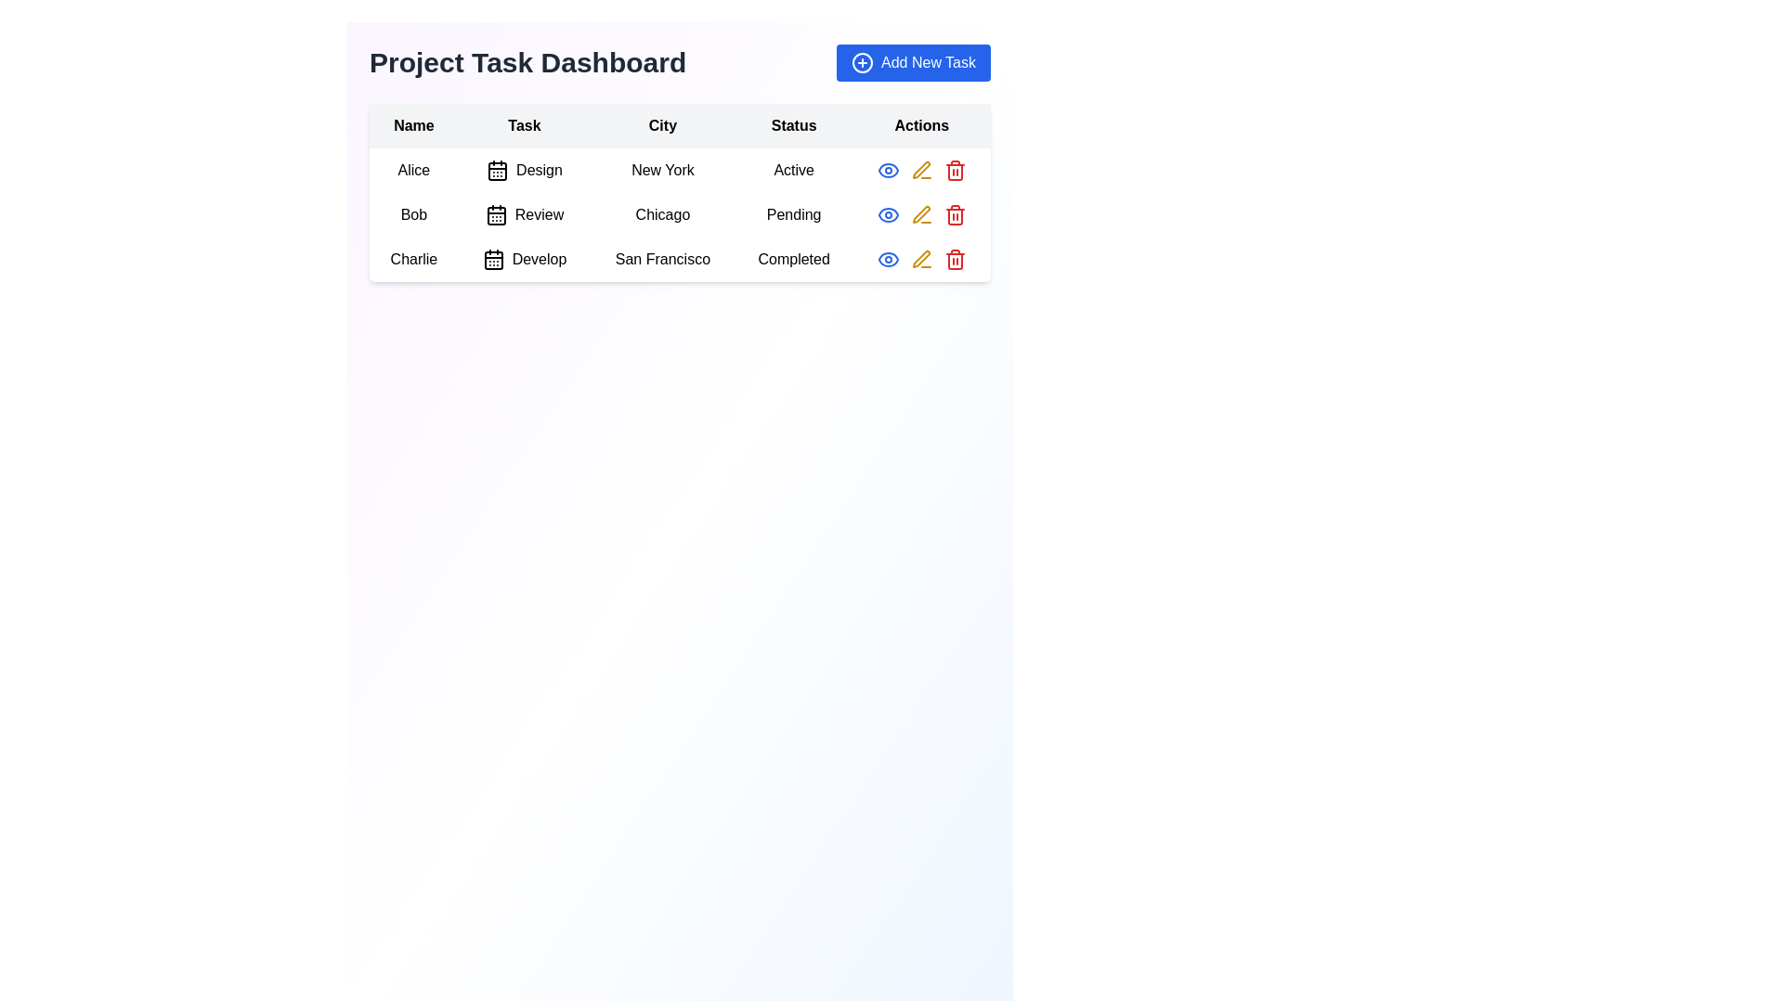 Image resolution: width=1783 pixels, height=1002 pixels. What do you see at coordinates (527, 62) in the screenshot?
I see `the static text heading in the upper-left corner of the dashboard, which serves as the title for the interface, before the 'Add New Task' button` at bounding box center [527, 62].